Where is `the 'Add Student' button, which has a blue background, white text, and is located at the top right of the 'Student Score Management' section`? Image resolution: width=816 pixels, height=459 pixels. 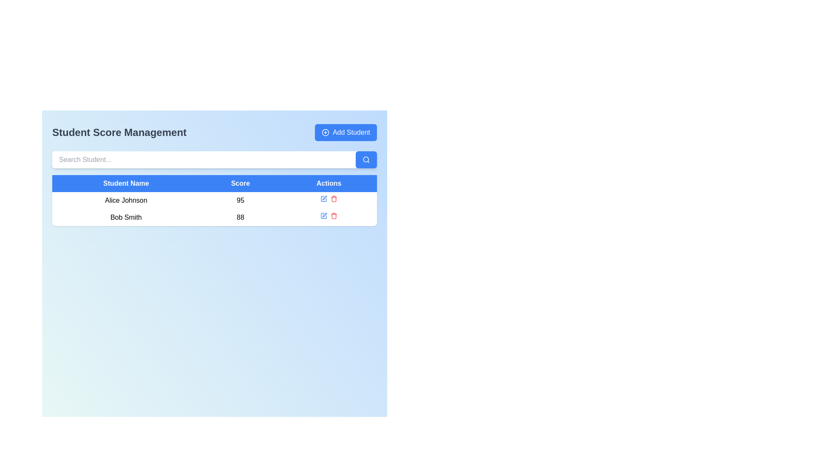
the 'Add Student' button, which has a blue background, white text, and is located at the top right of the 'Student Score Management' section is located at coordinates (346, 133).